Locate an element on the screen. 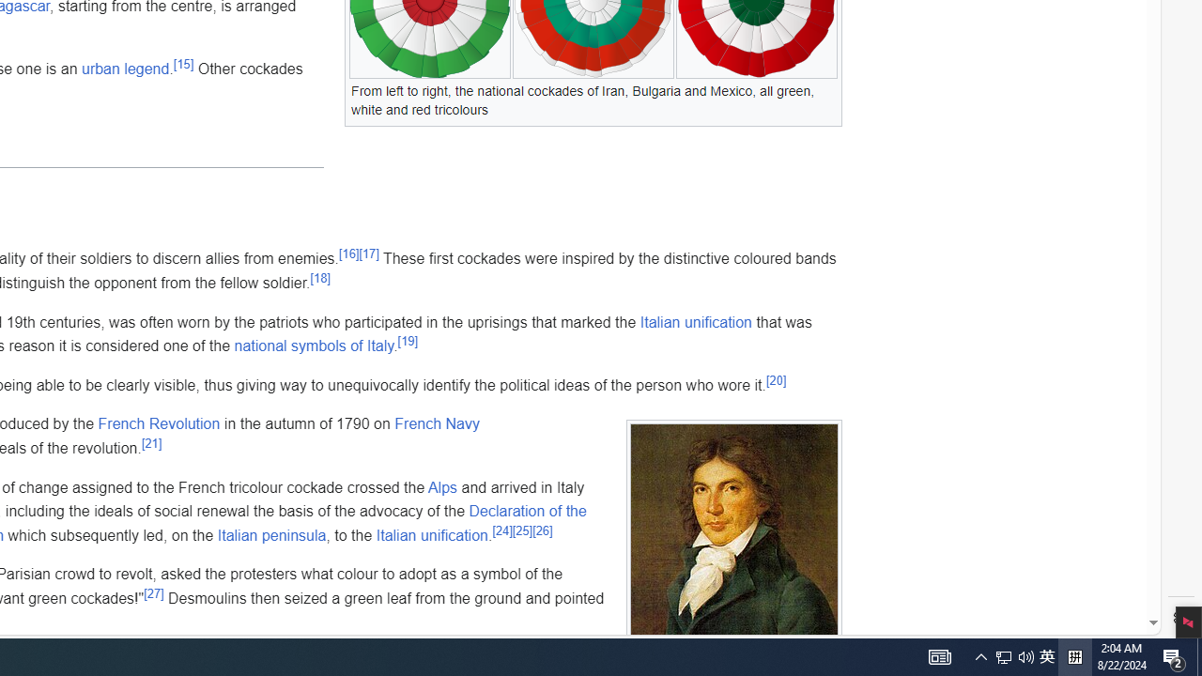 This screenshot has height=676, width=1202. '[17]' is located at coordinates (368, 254).